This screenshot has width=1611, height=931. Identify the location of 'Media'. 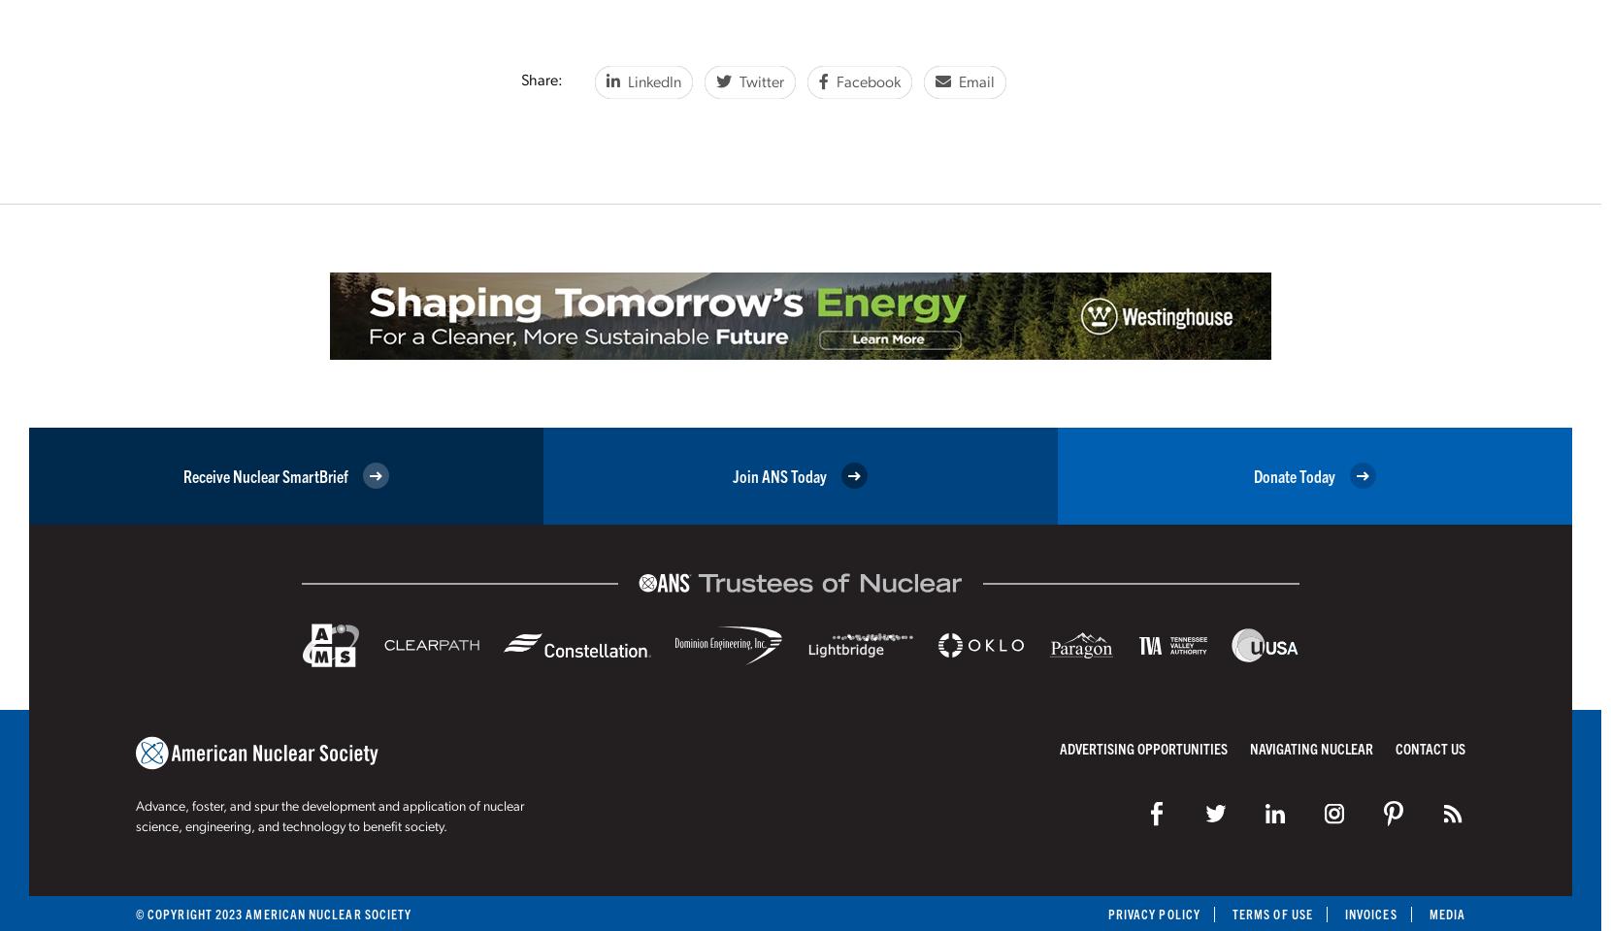
(1427, 914).